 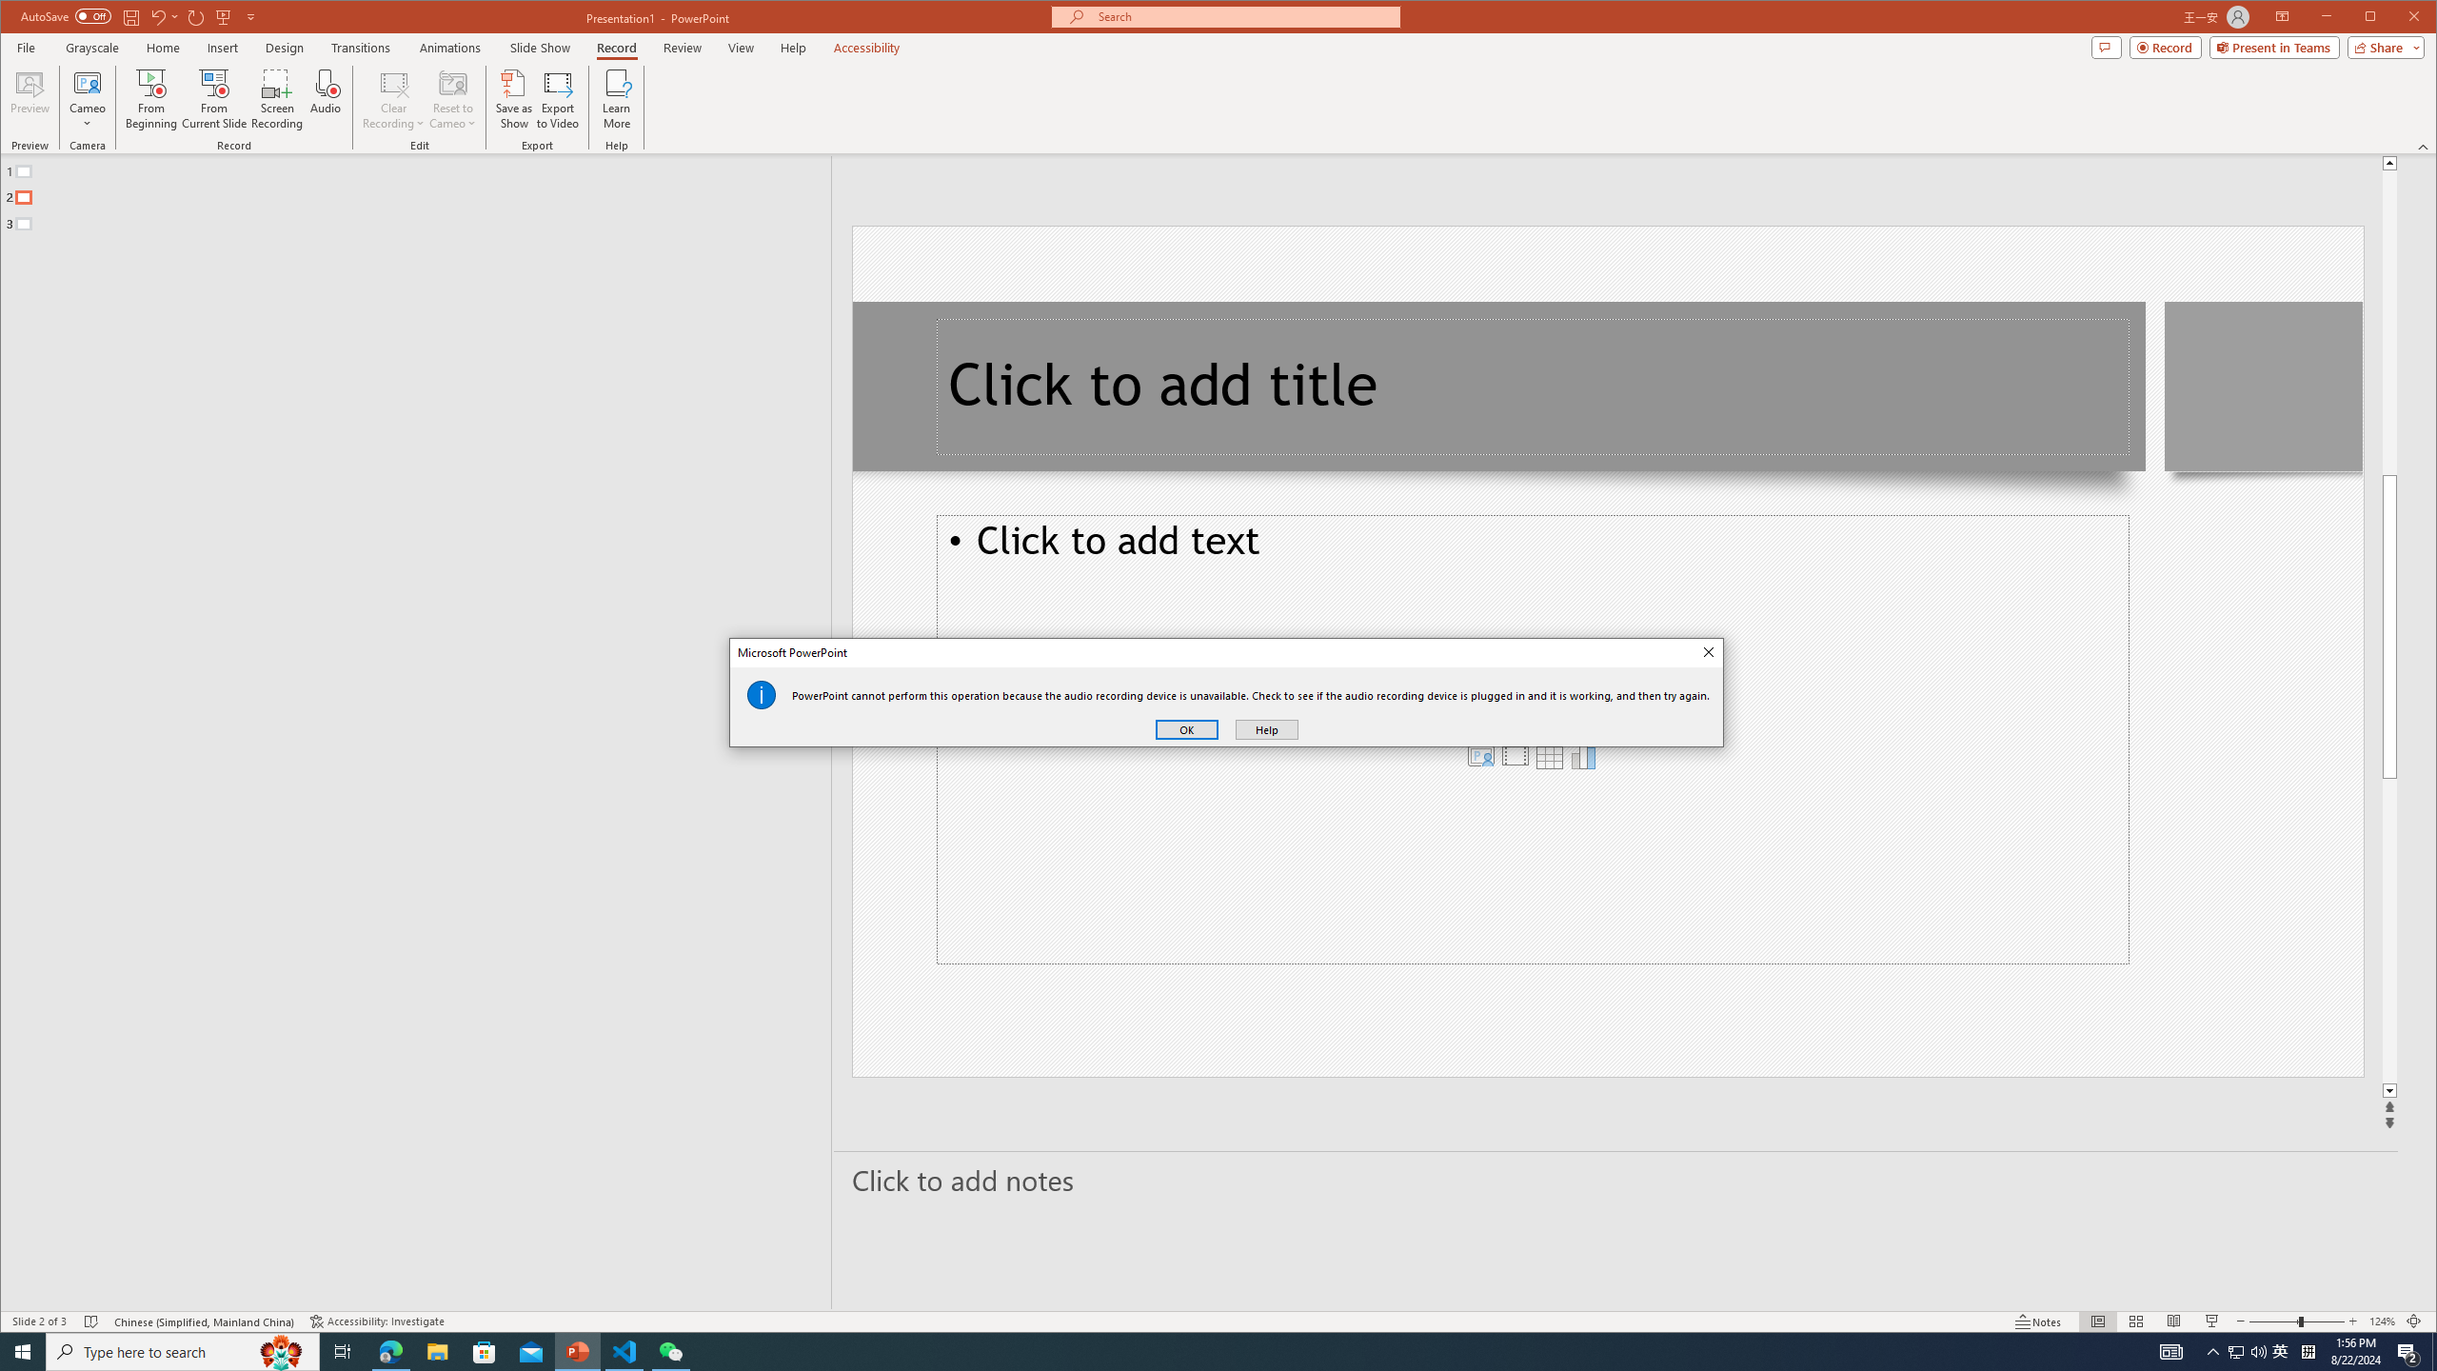 What do you see at coordinates (761, 694) in the screenshot?
I see `'Class: Static'` at bounding box center [761, 694].